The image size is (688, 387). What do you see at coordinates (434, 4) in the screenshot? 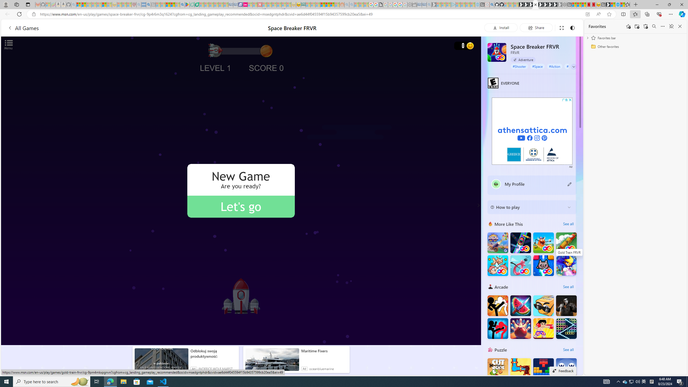
I see `'Microsoft Start Gaming - Sleeping'` at bounding box center [434, 4].